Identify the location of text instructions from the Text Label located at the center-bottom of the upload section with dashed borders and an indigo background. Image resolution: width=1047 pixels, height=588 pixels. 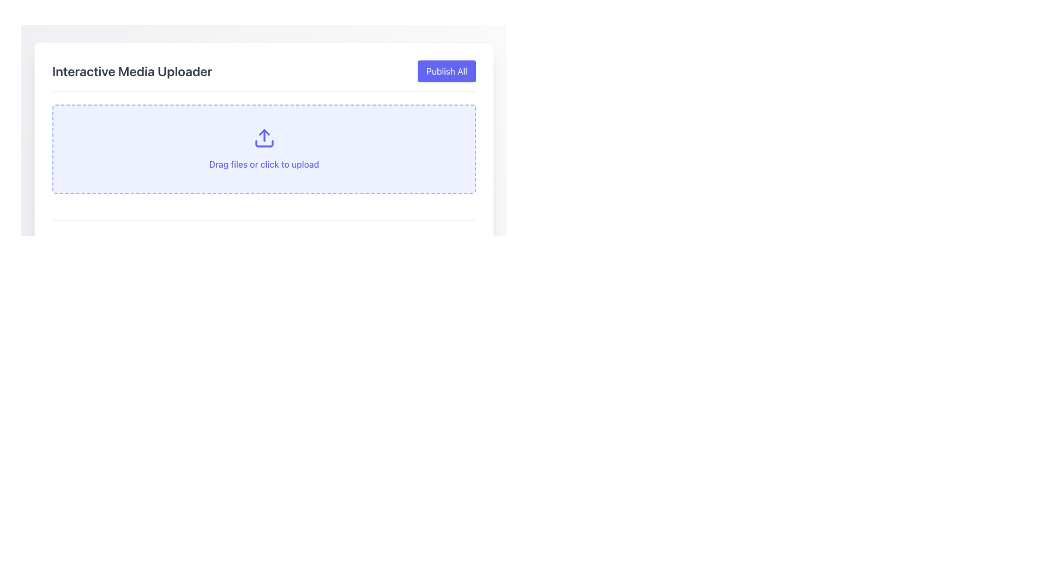
(264, 164).